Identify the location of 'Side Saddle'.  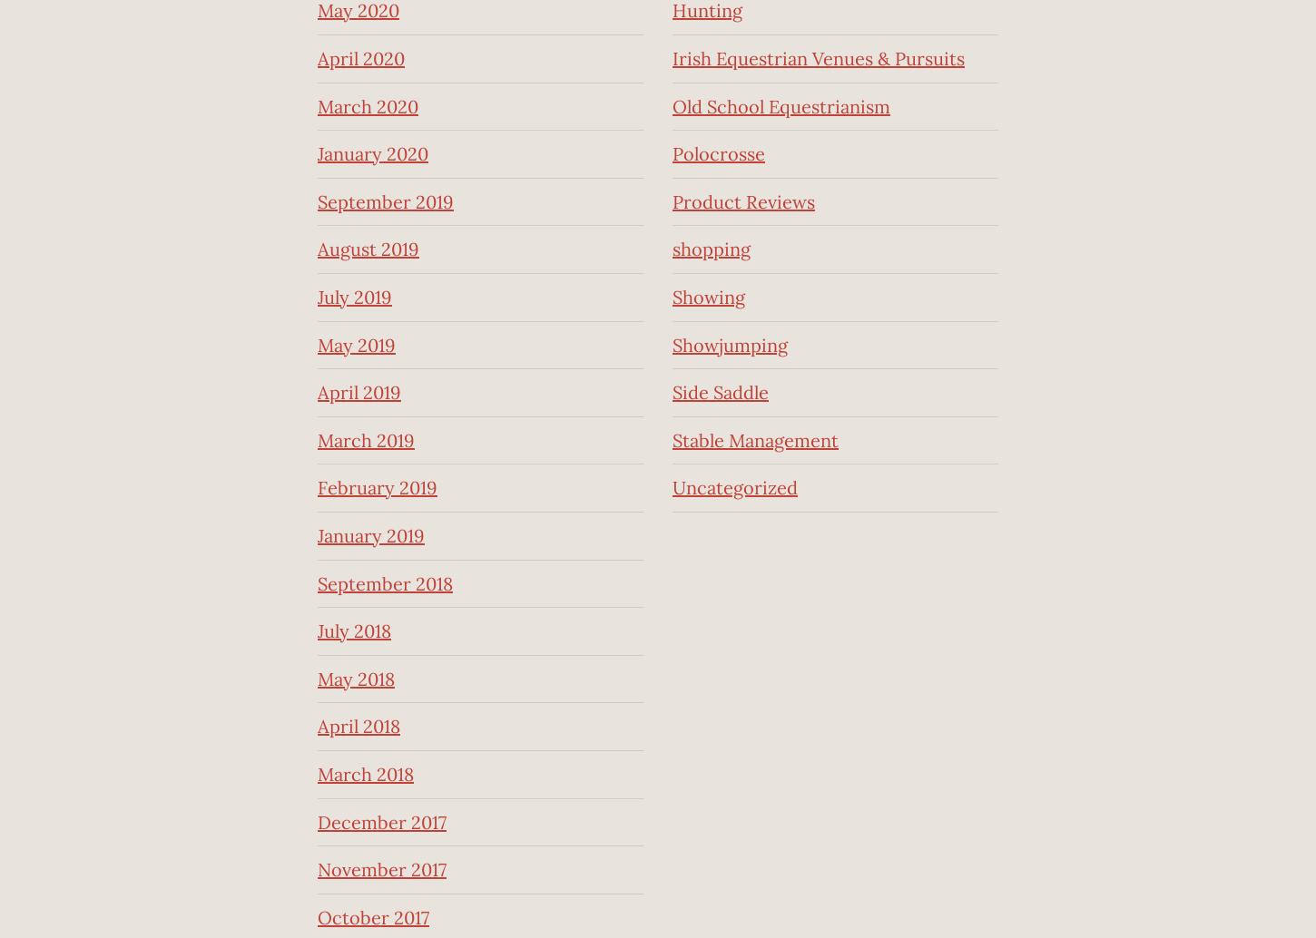
(721, 391).